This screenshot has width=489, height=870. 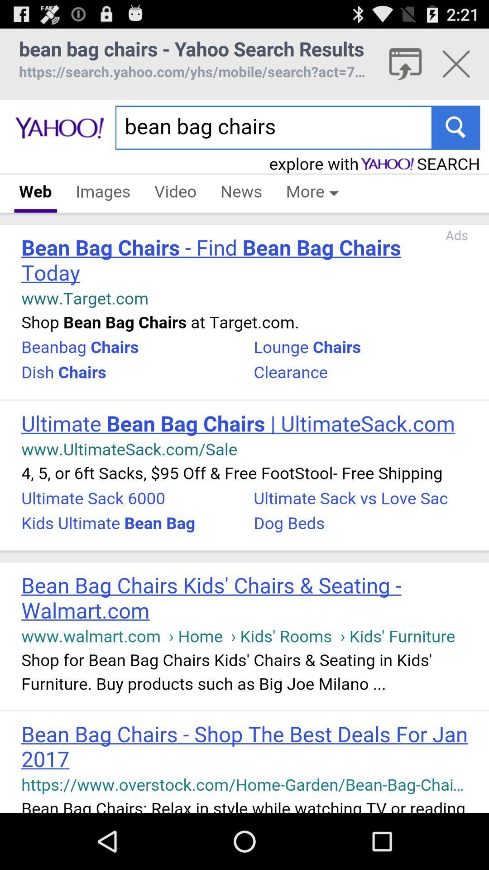 What do you see at coordinates (456, 68) in the screenshot?
I see `the close icon` at bounding box center [456, 68].